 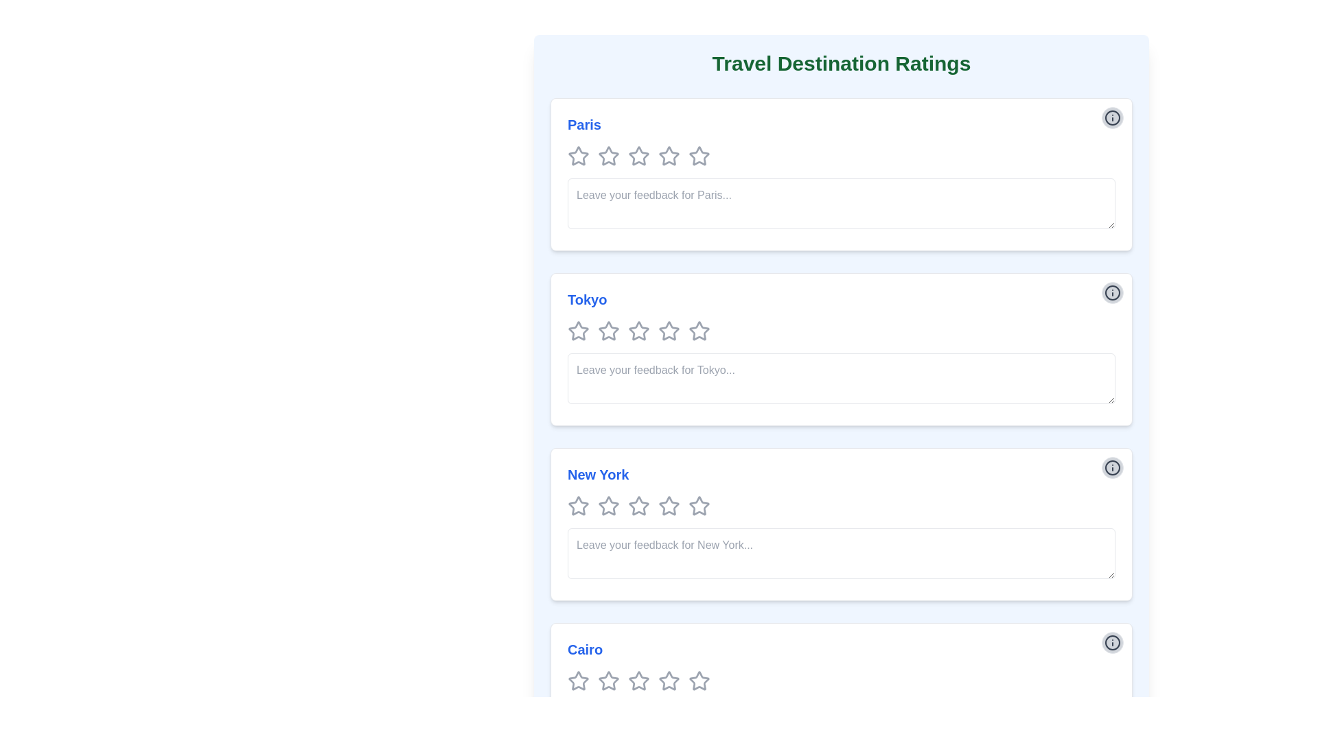 I want to click on the third star in the 5-star rating system for the 'New York' section, so click(x=669, y=506).